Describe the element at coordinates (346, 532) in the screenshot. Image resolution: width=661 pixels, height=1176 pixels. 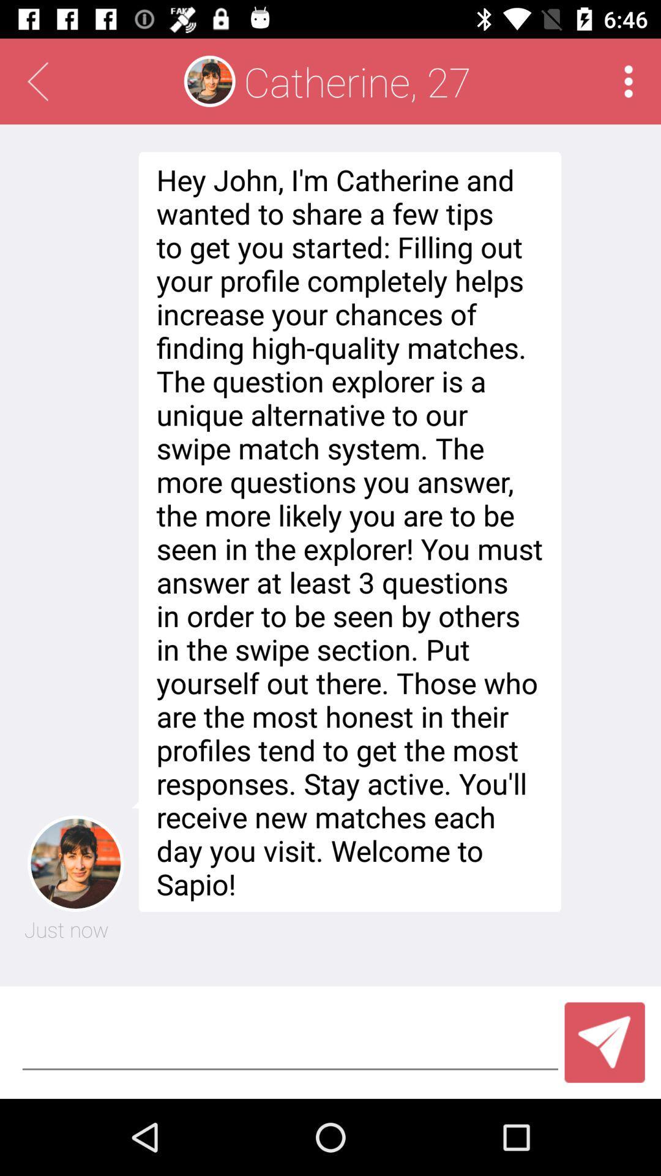
I see `icon below the catherine, 27 icon` at that location.